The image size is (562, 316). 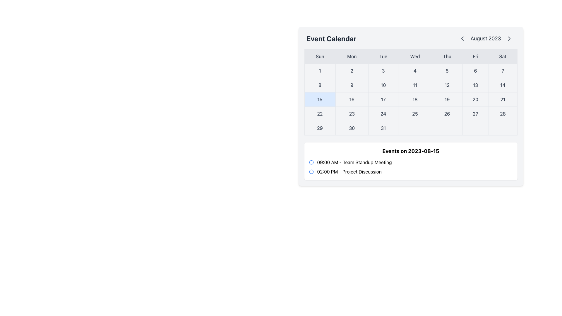 What do you see at coordinates (410, 99) in the screenshot?
I see `the specific day cell in the third row of the calendar grid` at bounding box center [410, 99].